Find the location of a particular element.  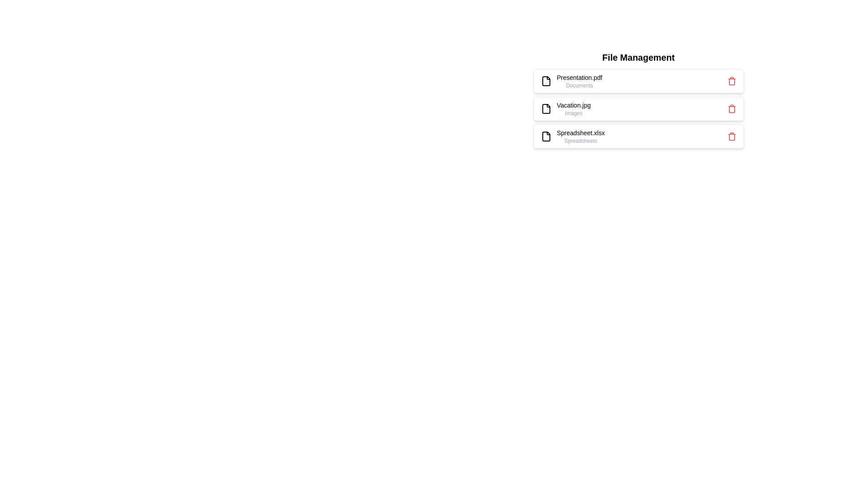

delete button for the file named Presentation.pdf is located at coordinates (732, 81).